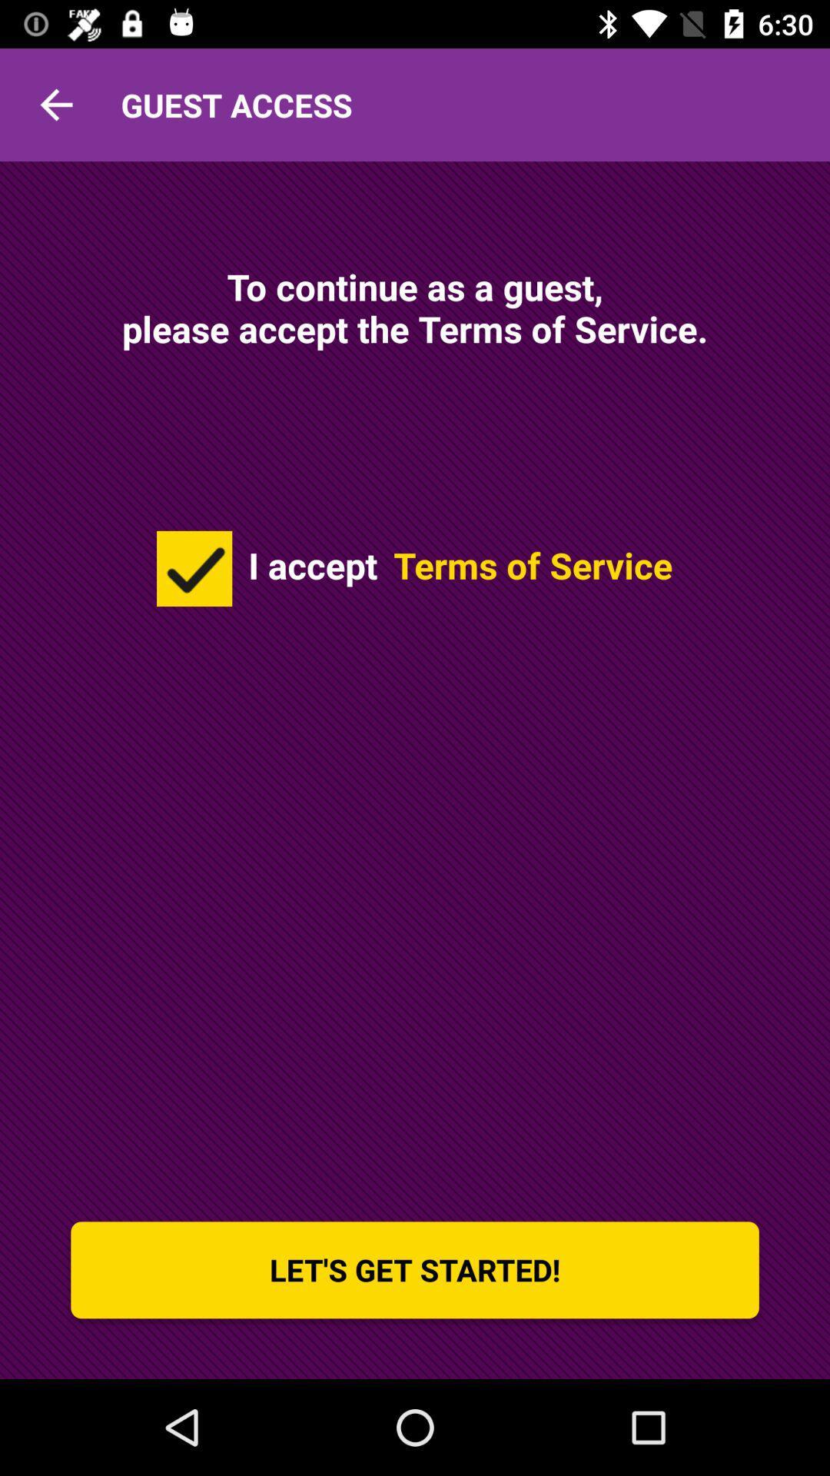  I want to click on accept terms of service, so click(194, 567).